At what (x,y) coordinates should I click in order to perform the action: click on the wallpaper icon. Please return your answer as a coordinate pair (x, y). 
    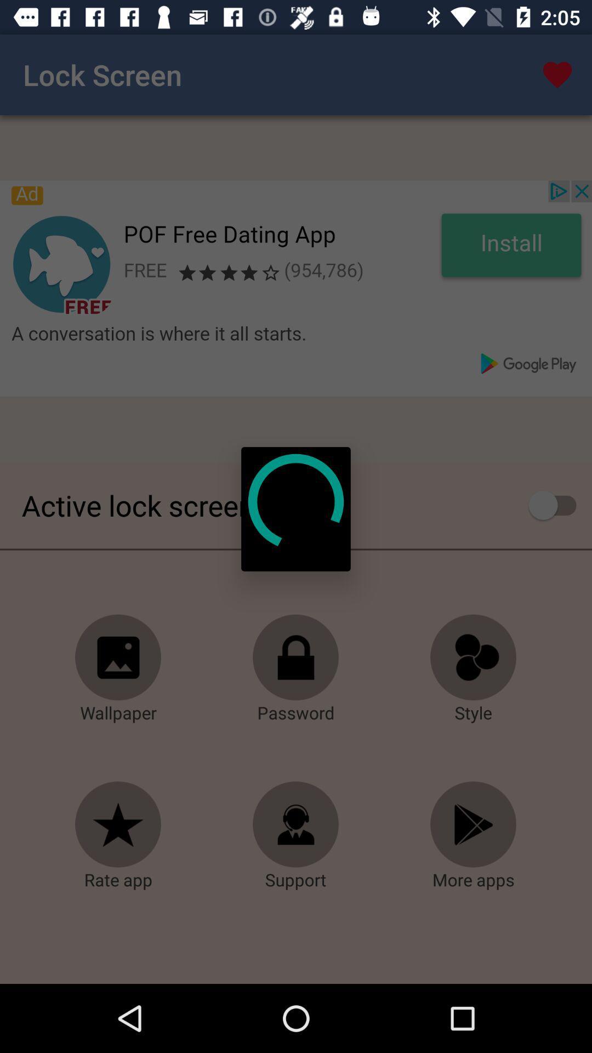
    Looking at the image, I should click on (118, 658).